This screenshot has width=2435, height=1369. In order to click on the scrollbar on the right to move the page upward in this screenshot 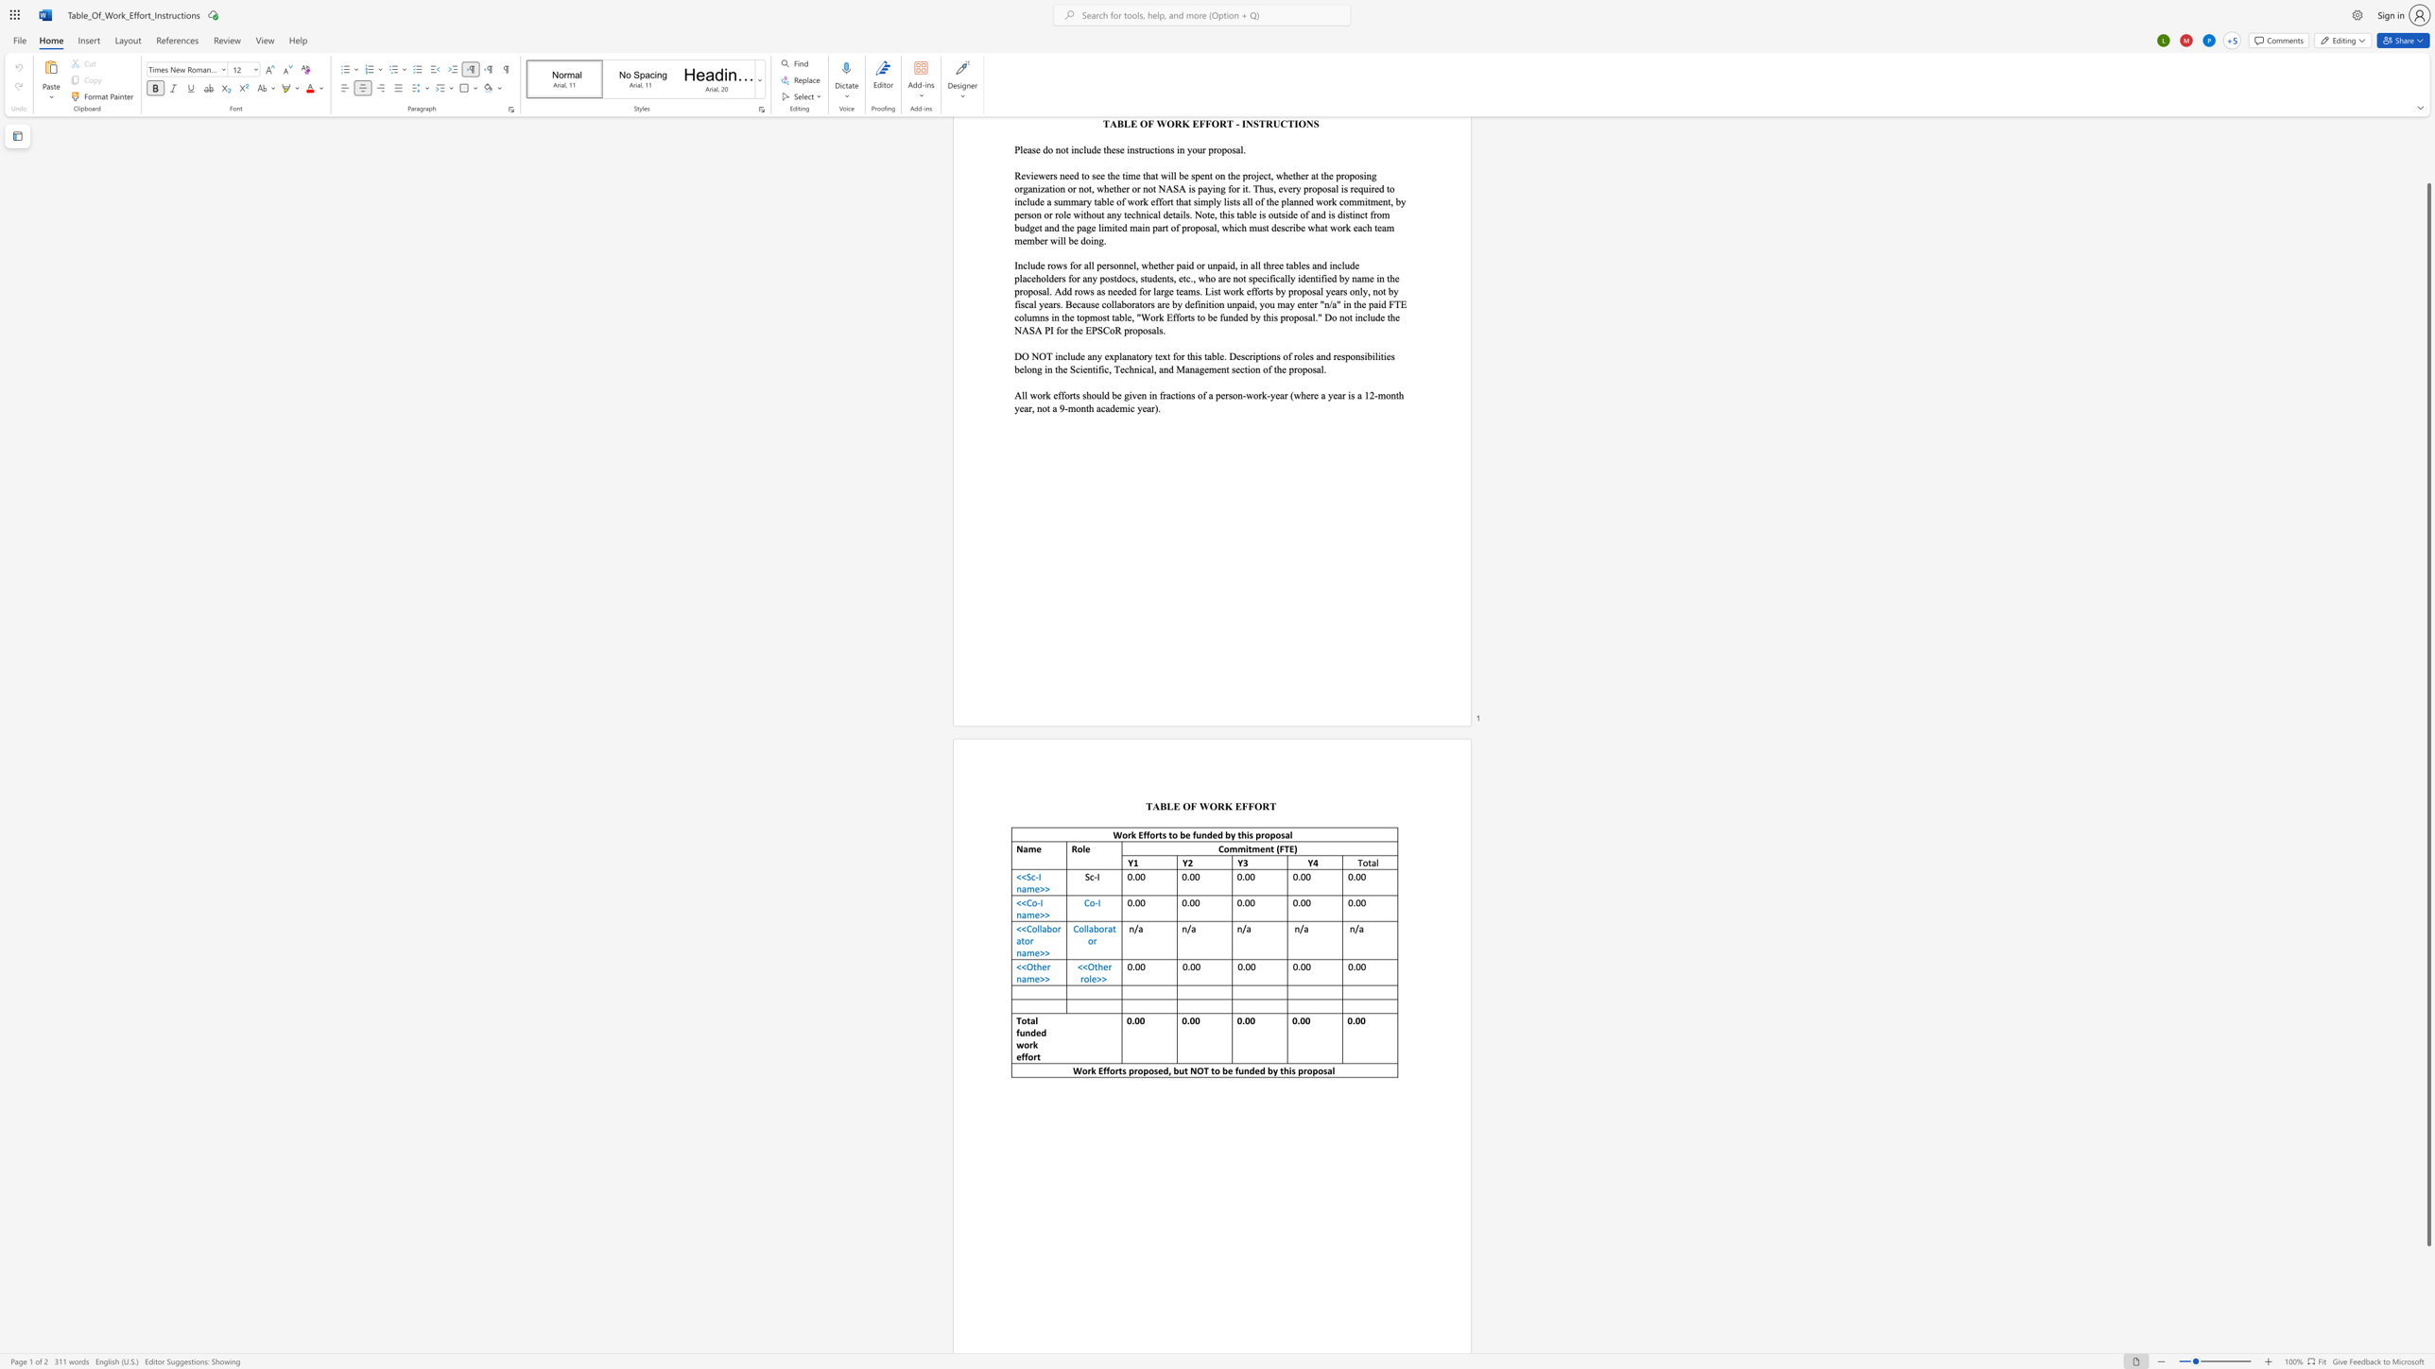, I will do `click(2427, 151)`.